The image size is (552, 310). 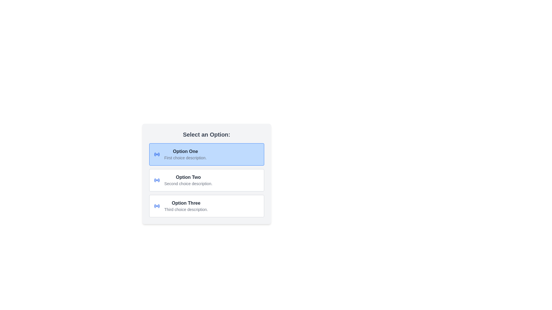 What do you see at coordinates (185, 151) in the screenshot?
I see `the header text label that identifies the first option group, which is positioned above its description in the application interface` at bounding box center [185, 151].